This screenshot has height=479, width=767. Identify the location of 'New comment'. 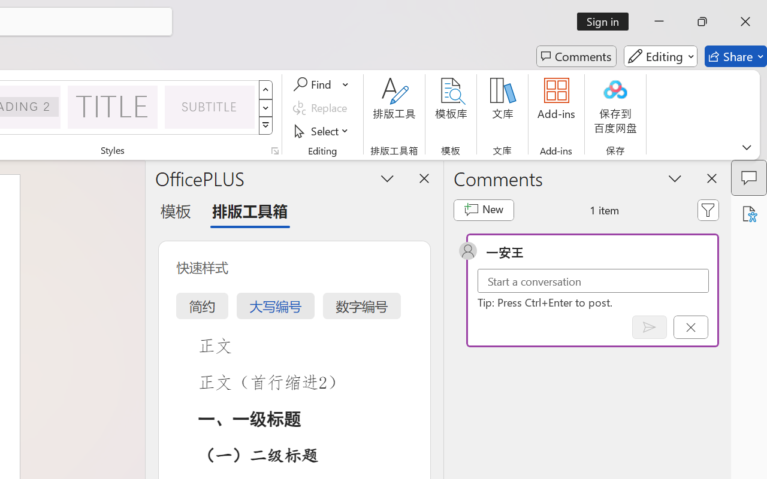
(484, 210).